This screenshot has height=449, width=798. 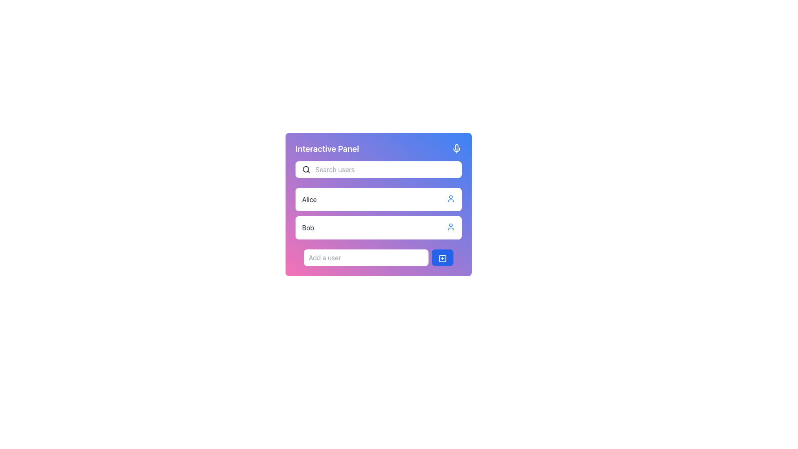 I want to click on the microphone icon, which is a classic line art style microphone located at the far right of the 'Interactive Panel' title bar, so click(x=456, y=148).